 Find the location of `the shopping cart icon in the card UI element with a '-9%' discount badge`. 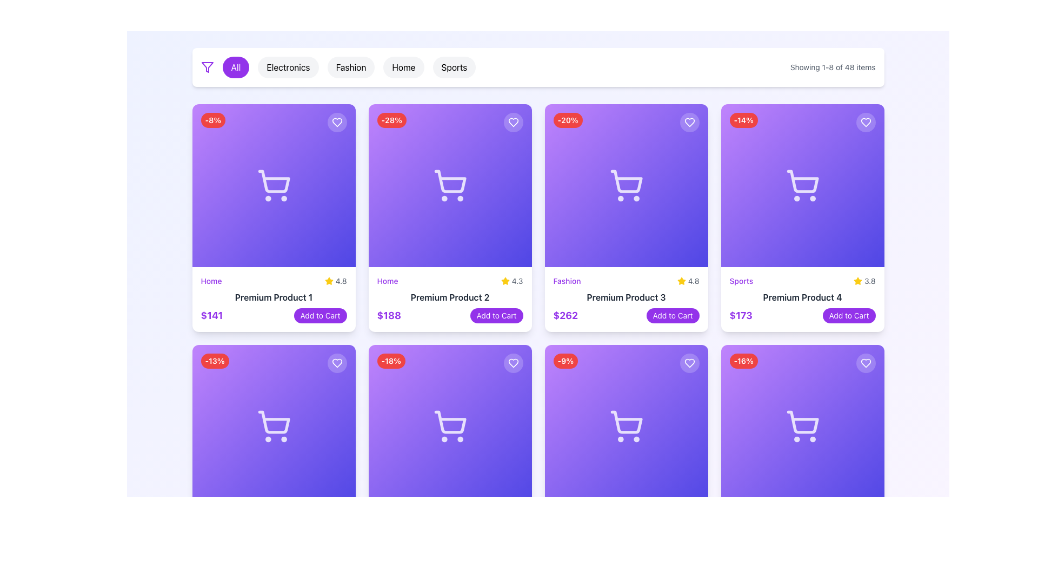

the shopping cart icon in the card UI element with a '-9%' discount badge is located at coordinates (626, 426).